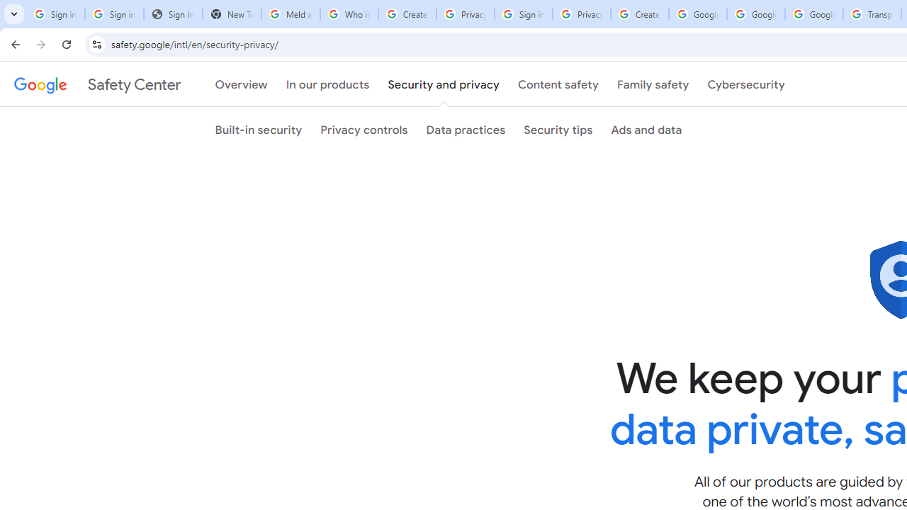 This screenshot has height=510, width=907. Describe the element at coordinates (96, 84) in the screenshot. I see `'Safety Center'` at that location.